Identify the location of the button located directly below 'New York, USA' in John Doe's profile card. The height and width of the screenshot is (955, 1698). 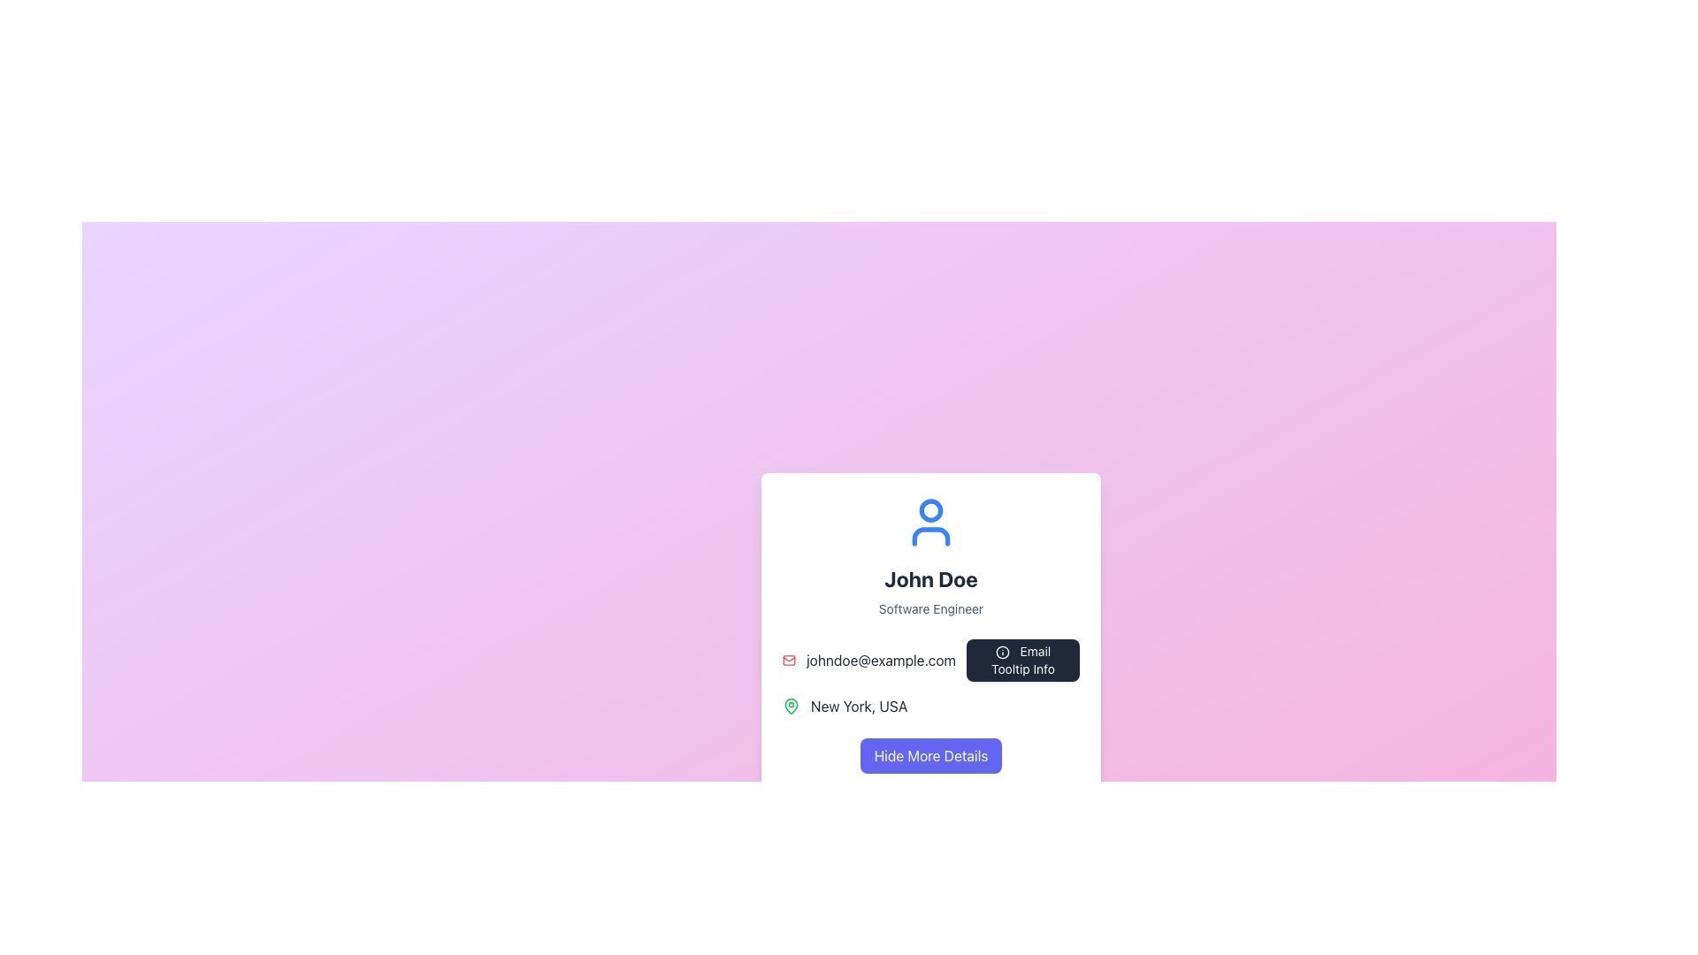
(929, 756).